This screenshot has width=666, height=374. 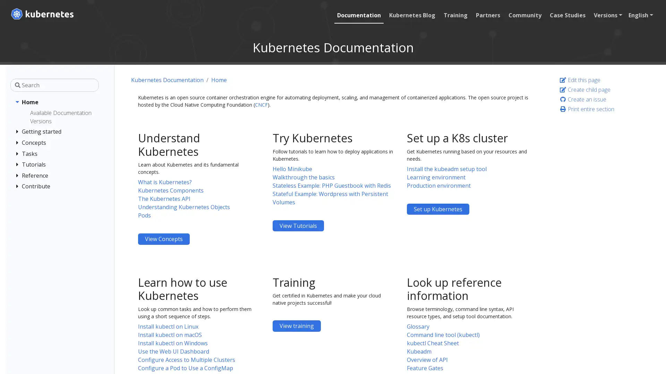 What do you see at coordinates (163, 238) in the screenshot?
I see `Understand Kubernetes` at bounding box center [163, 238].